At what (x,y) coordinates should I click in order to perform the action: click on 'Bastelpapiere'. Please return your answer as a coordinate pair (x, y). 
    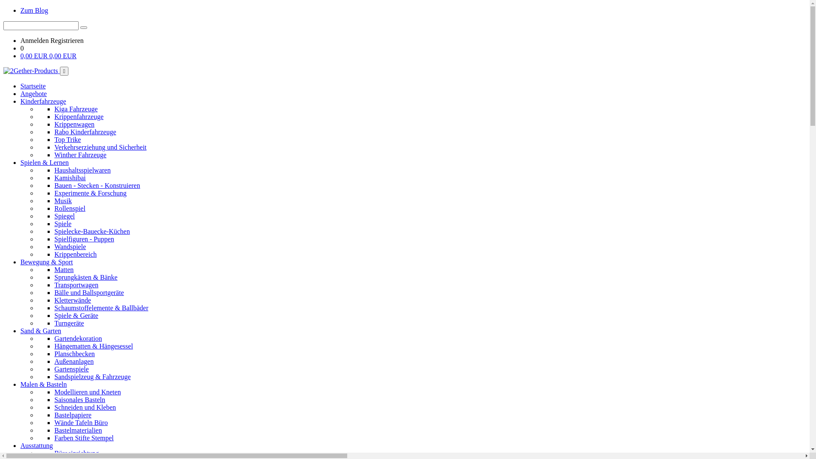
    Looking at the image, I should click on (73, 414).